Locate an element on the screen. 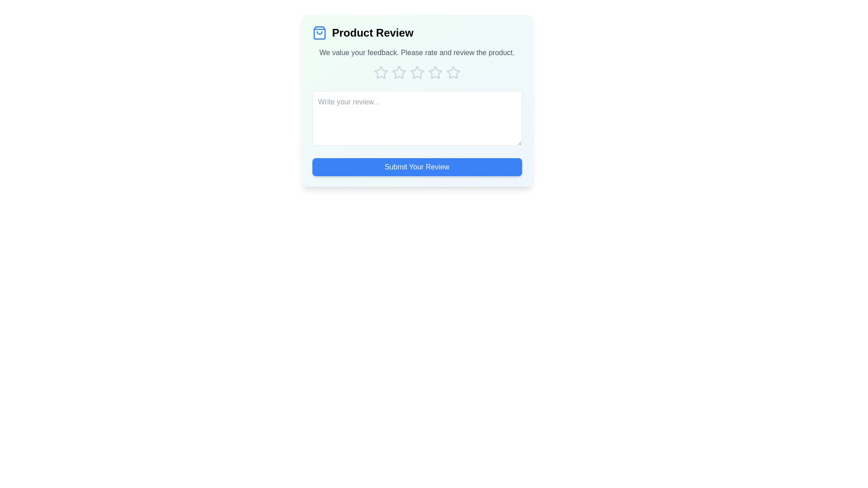  the first star icon in the rating component, which is styled with a hollow outline and gray color is located at coordinates (381, 72).